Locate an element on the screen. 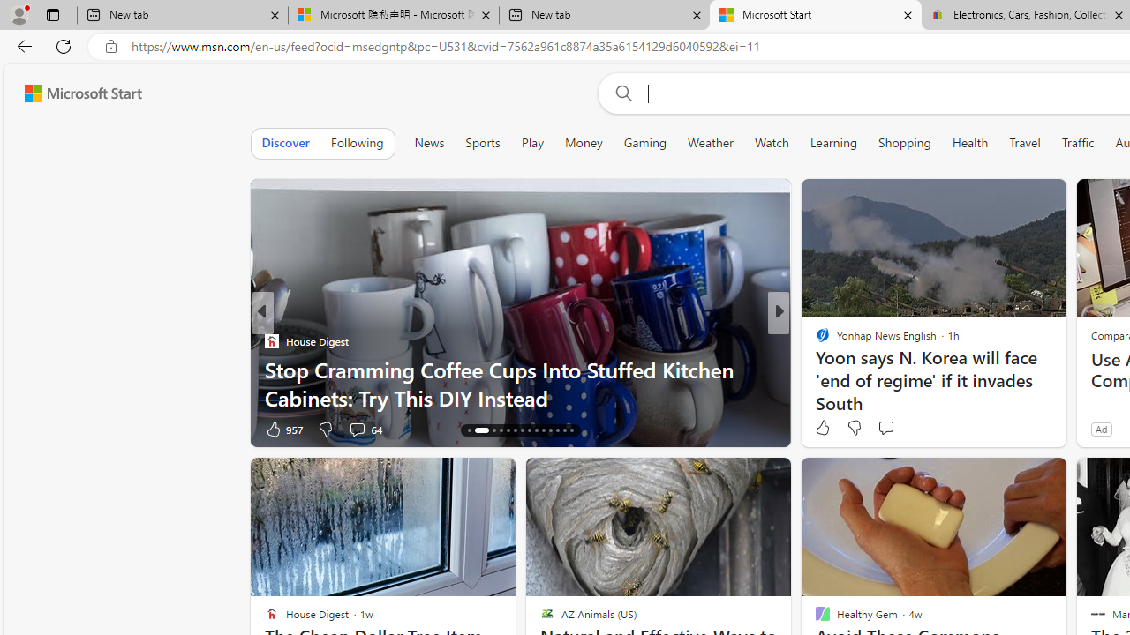 The height and width of the screenshot is (635, 1130). 'AutomationID: tab-25' is located at coordinates (550, 430).